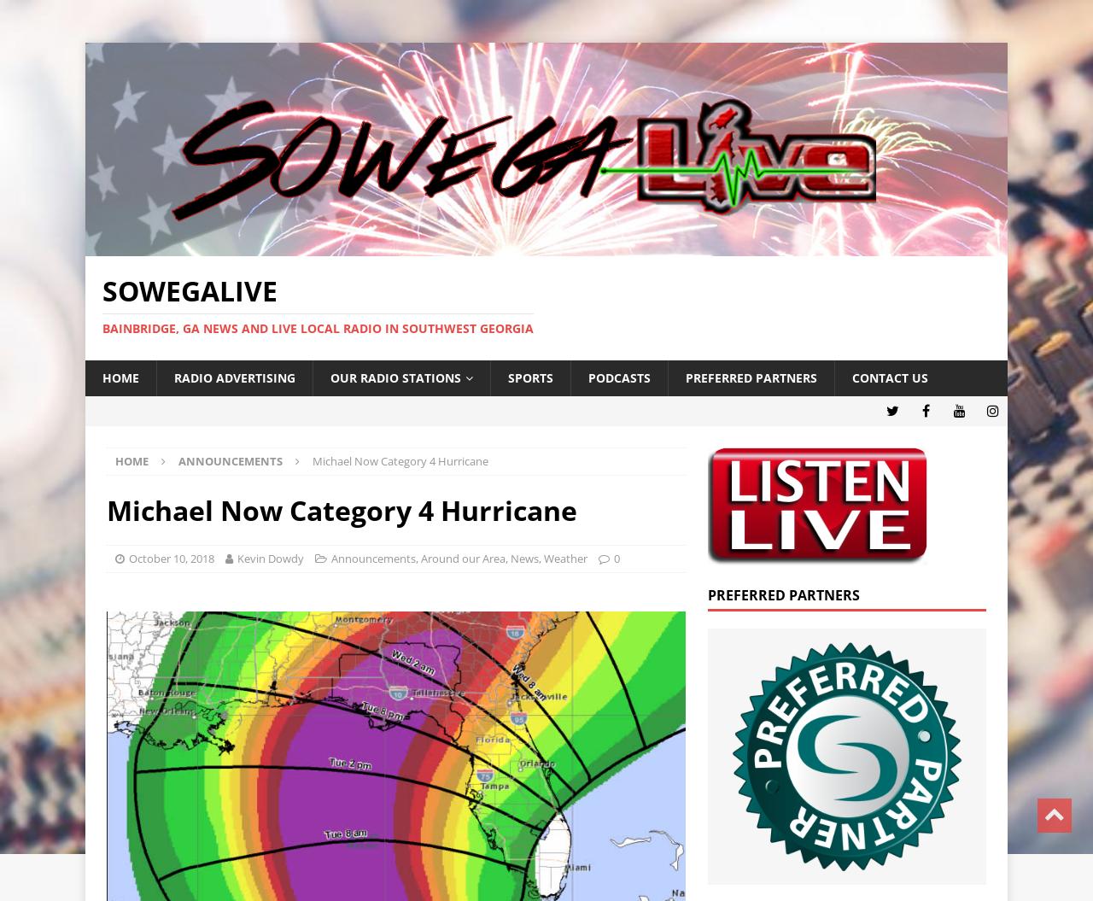 This screenshot has height=901, width=1093. Describe the element at coordinates (523, 557) in the screenshot. I see `'News'` at that location.